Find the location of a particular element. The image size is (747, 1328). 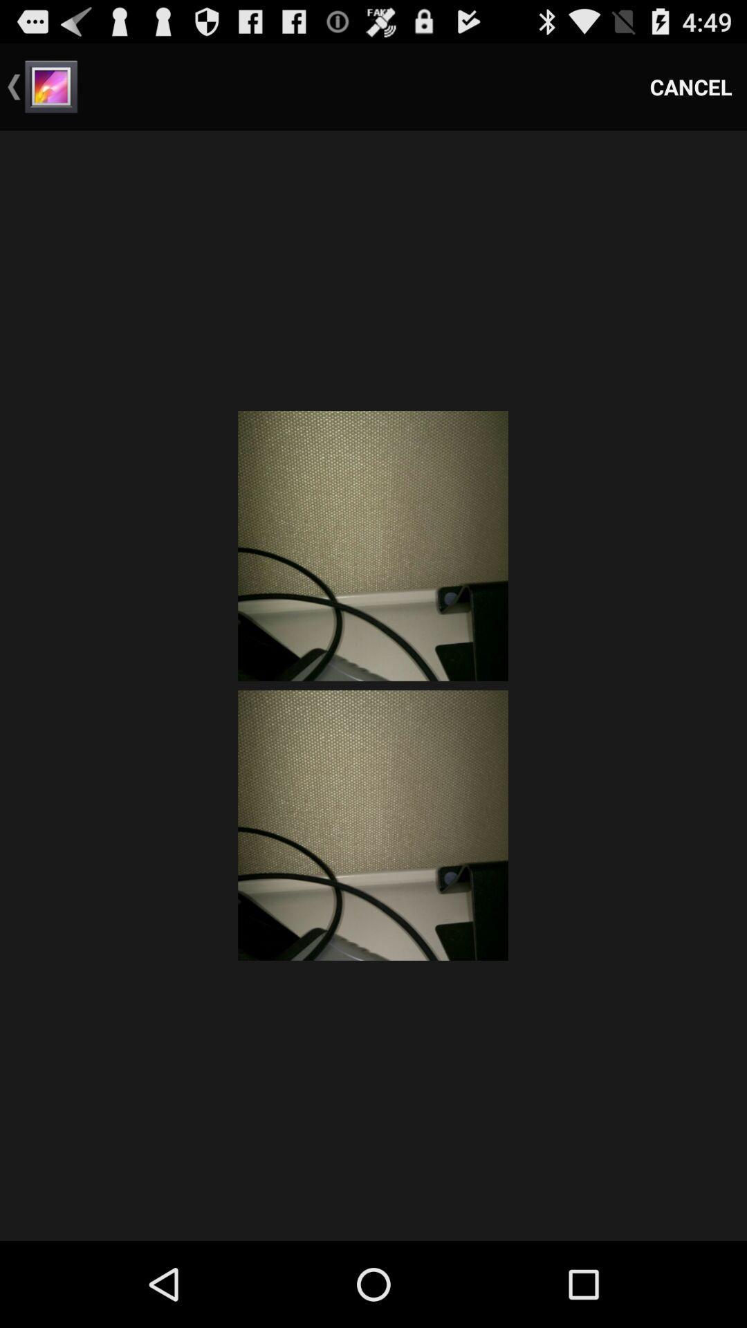

the item at the top right corner is located at coordinates (691, 86).